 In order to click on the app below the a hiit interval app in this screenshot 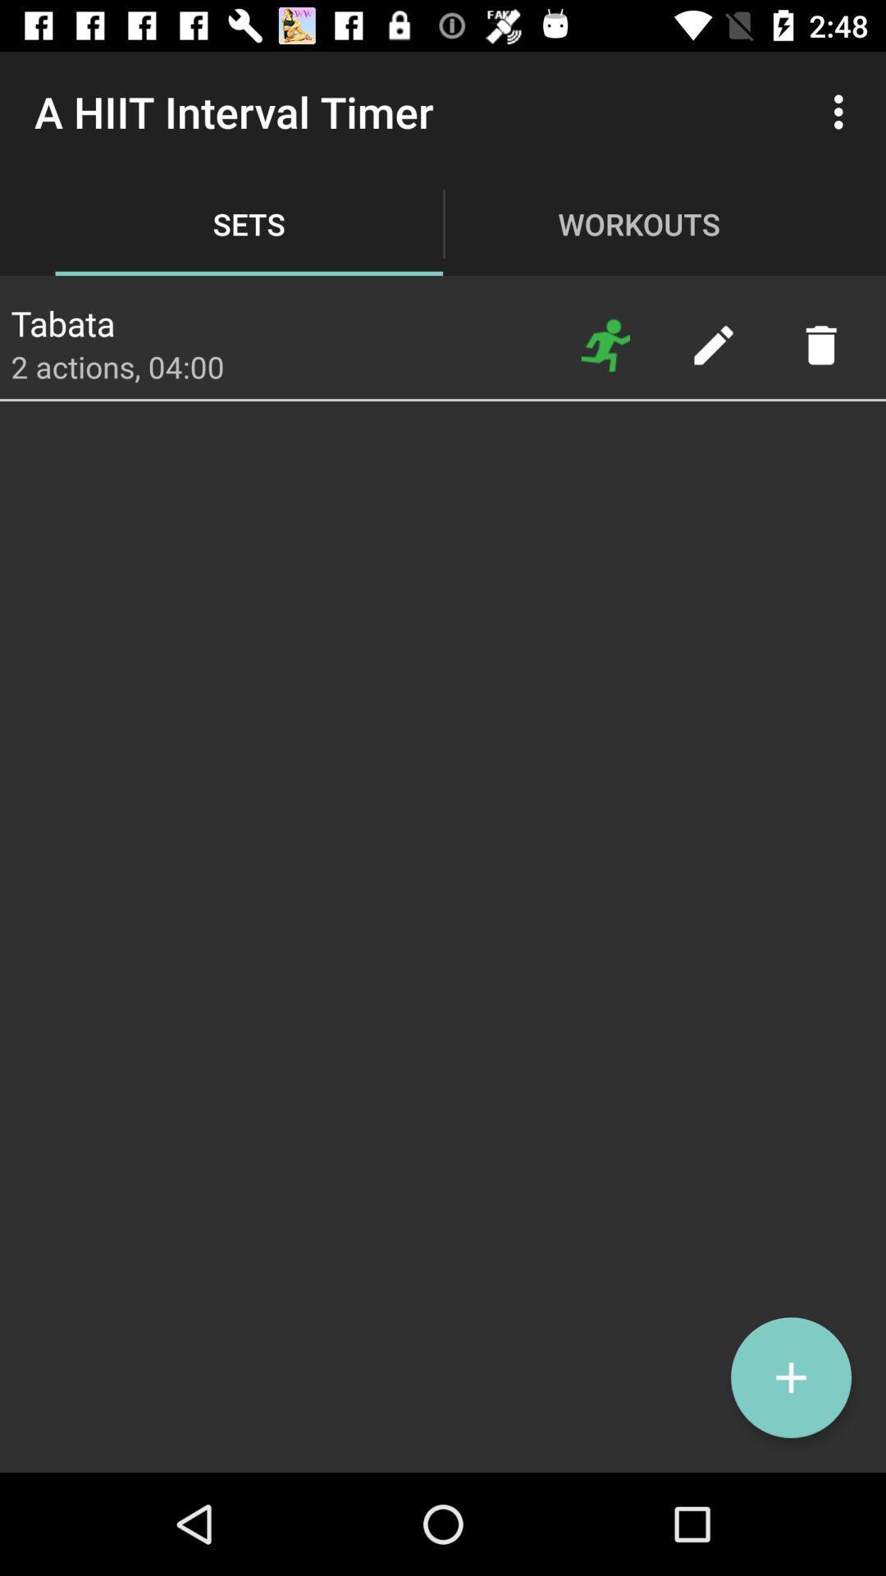, I will do `click(62, 318)`.